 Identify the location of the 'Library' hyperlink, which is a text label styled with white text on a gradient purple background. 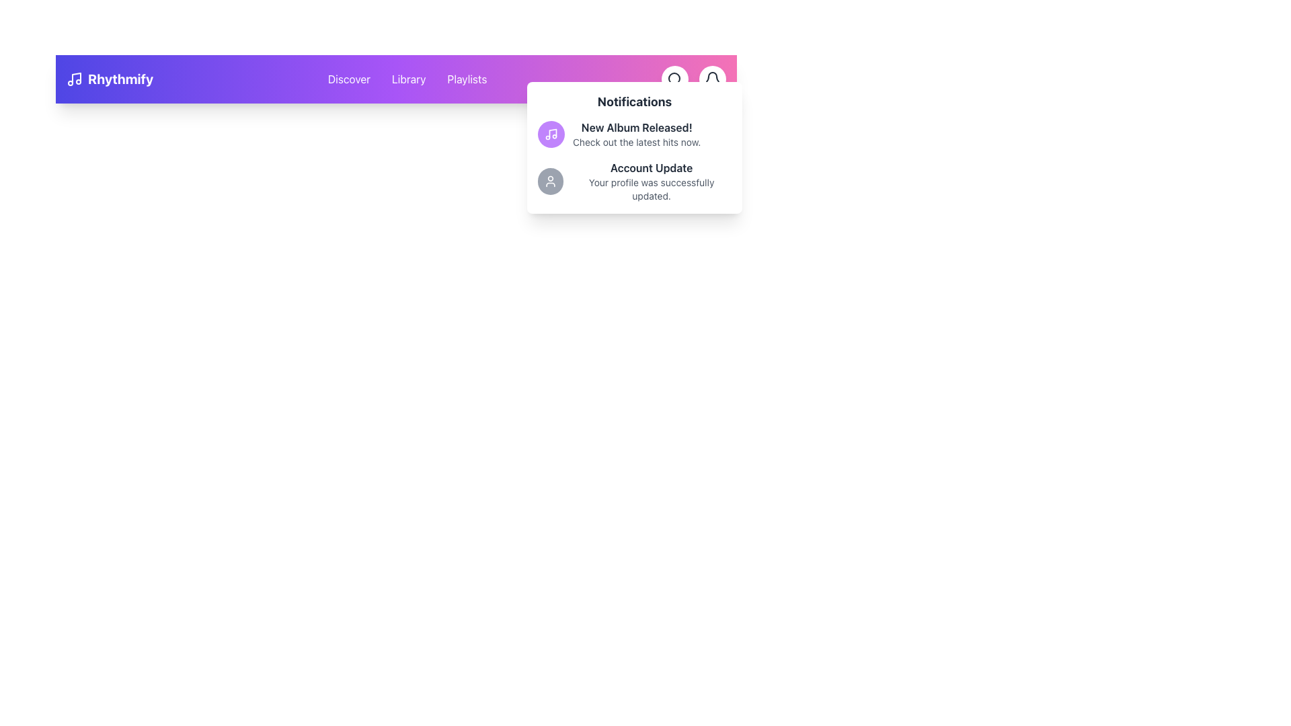
(408, 79).